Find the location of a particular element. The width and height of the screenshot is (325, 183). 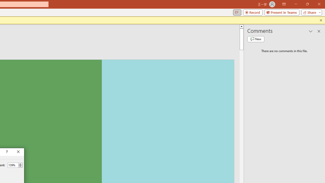

'Share' is located at coordinates (310, 12).